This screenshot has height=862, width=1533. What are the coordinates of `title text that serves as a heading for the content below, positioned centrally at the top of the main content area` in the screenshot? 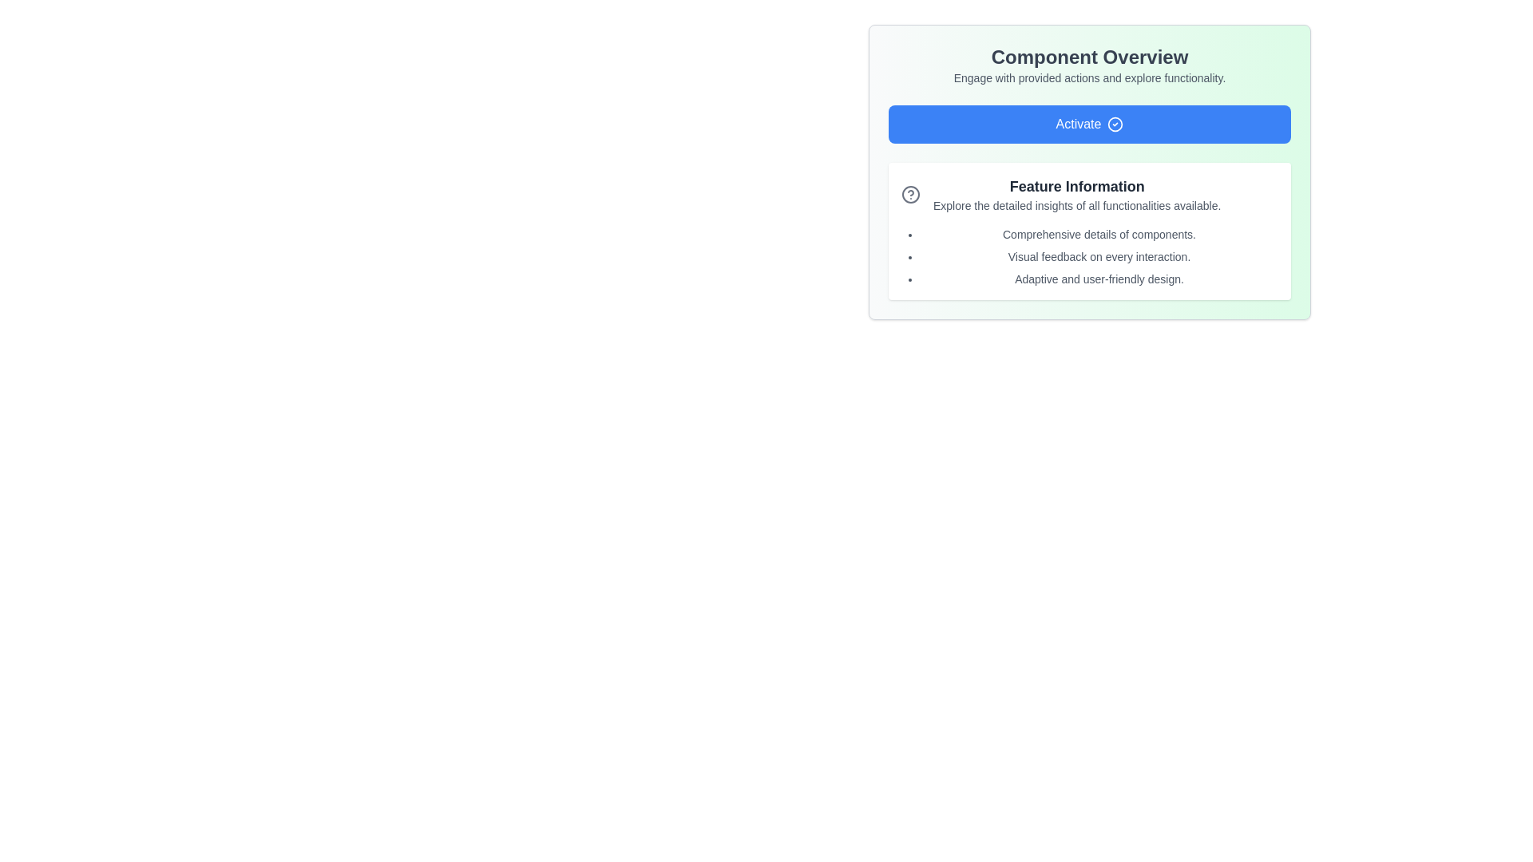 It's located at (1088, 57).